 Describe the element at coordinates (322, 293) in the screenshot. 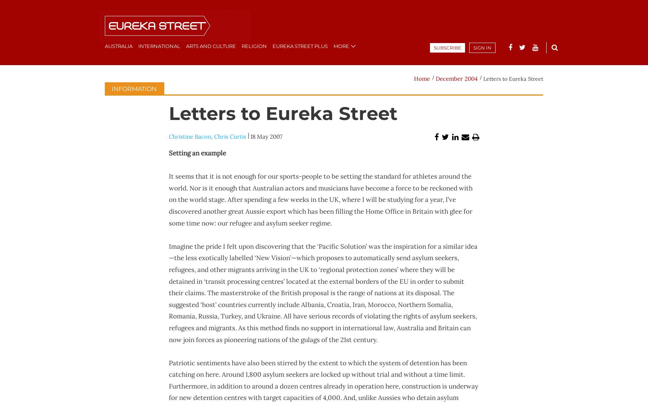

I see `'Imagine the pride I felt upon discovering that the ‘Pacific Solution’ was the inspiration for a similar idea—the less exotically labelled ‘New Vision’—which proposes to automatically send asylum seekers, refugees, and other migrants arriving in the UK to ‘regional protection zones’ where they will be detained in ‘transit processing centres’ located at the external borders of the EU in order to submit their claims. The masterstroke of the British proposal is the range of nations at its disposal. The suggested ‘host’ countries currently include Albania, Croatia, Iran, Morocco, Northern Somalia, Romania, Russia, Turkey, and Ukraine. All have serious records of violating the rights of asylum seekers, refugees and migrants. As this method finds no support in international law, Australia and Britain can now join forces as pioneering nations of the gulags of the 21st century.'` at that location.